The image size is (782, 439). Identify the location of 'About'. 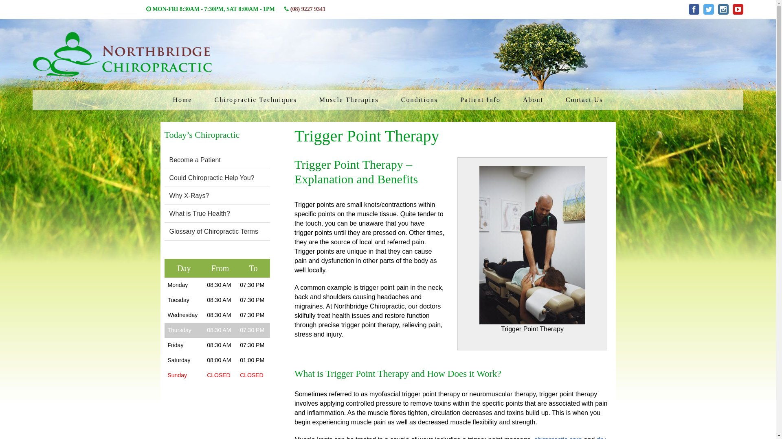
(533, 100).